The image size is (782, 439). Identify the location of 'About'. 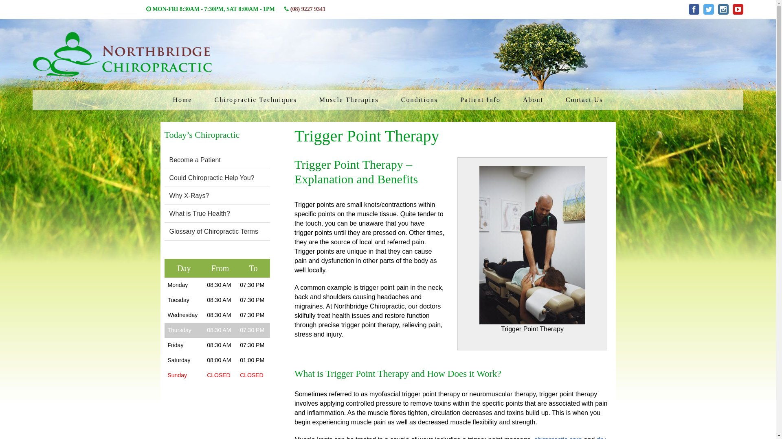
(533, 100).